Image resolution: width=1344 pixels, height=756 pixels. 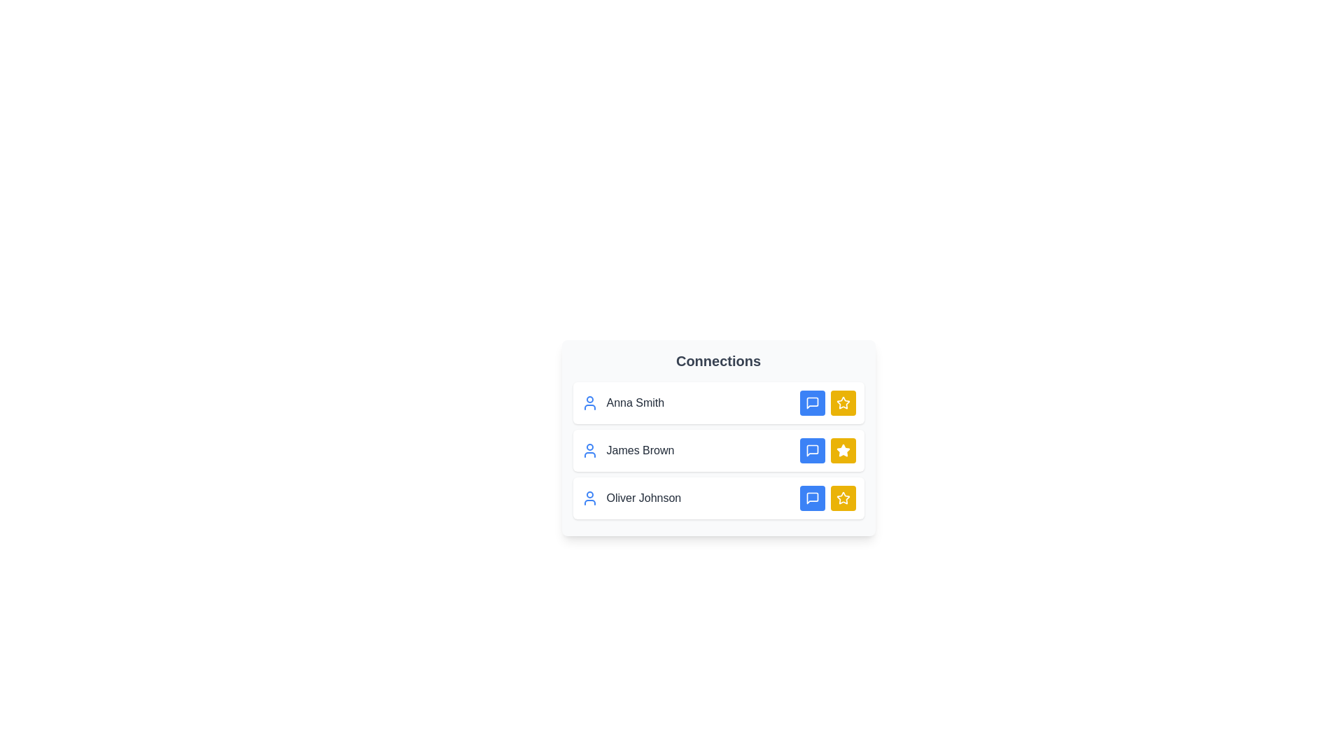 What do you see at coordinates (842, 498) in the screenshot?
I see `favorite button for the connection Oliver Johnson to toggle its favorite status` at bounding box center [842, 498].